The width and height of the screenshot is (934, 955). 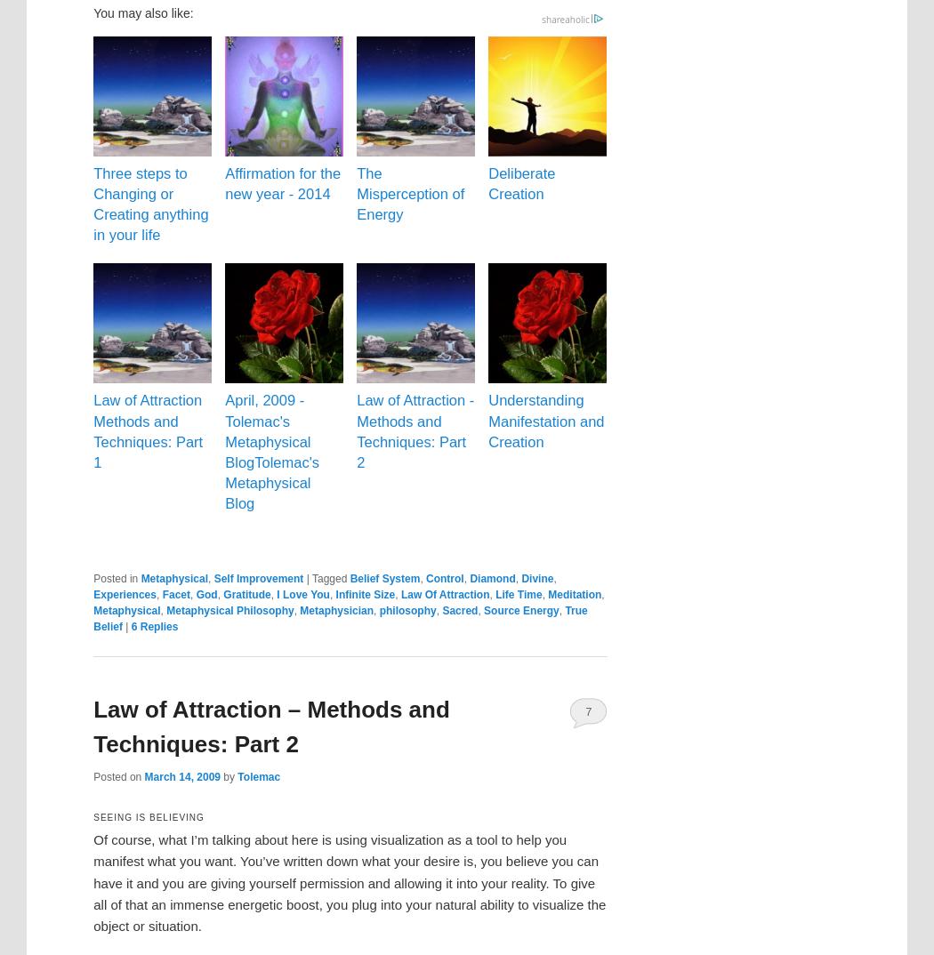 What do you see at coordinates (271, 451) in the screenshot?
I see `'April, 2009 - Tolemac's Metaphysical BlogTolemac's Metaphysical Blog'` at bounding box center [271, 451].